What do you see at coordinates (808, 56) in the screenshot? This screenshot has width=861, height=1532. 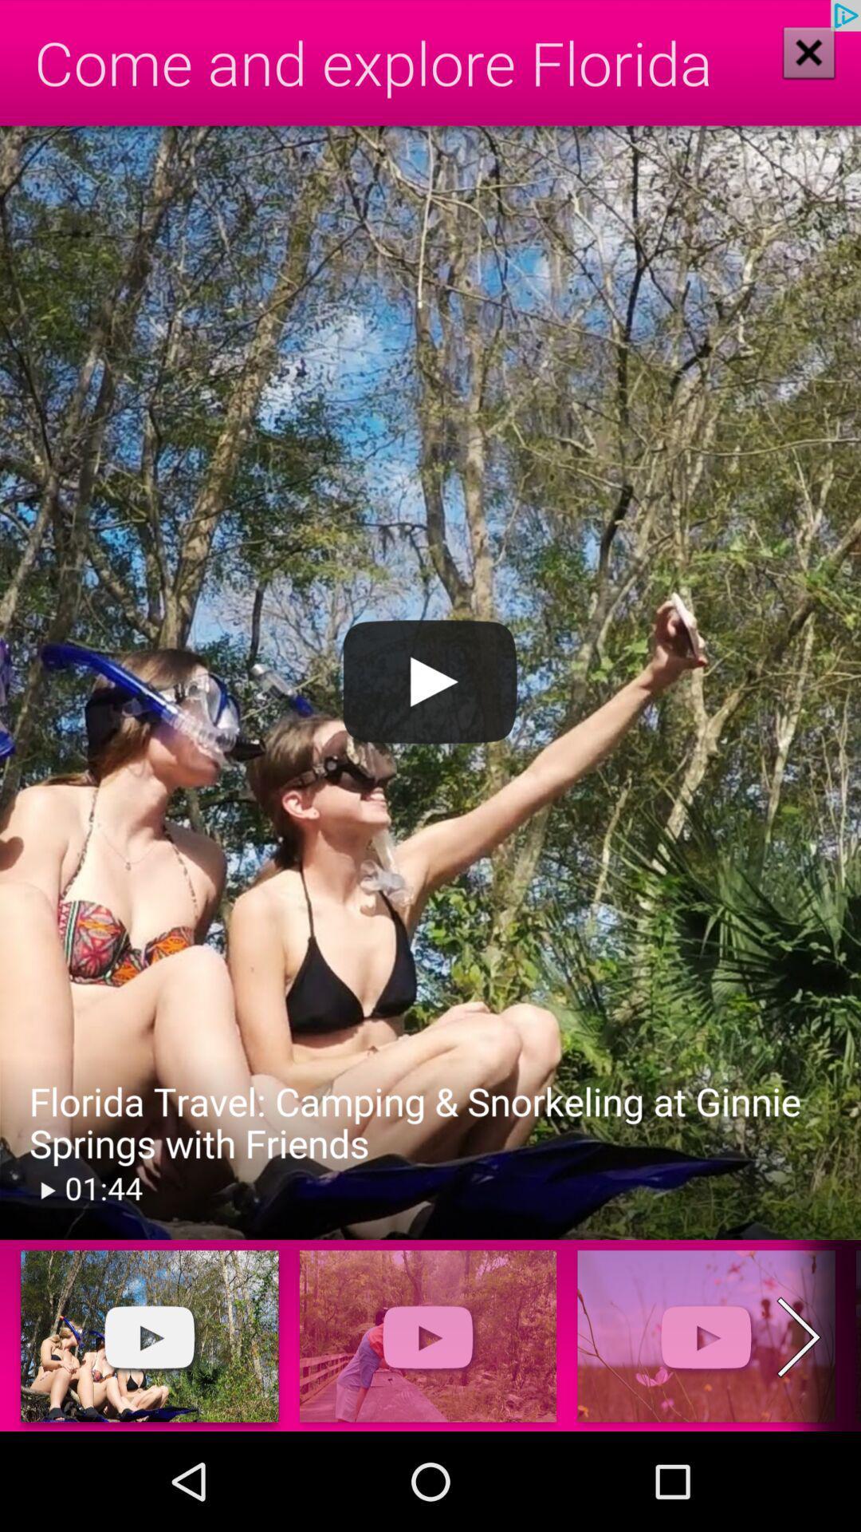 I see `the close icon` at bounding box center [808, 56].